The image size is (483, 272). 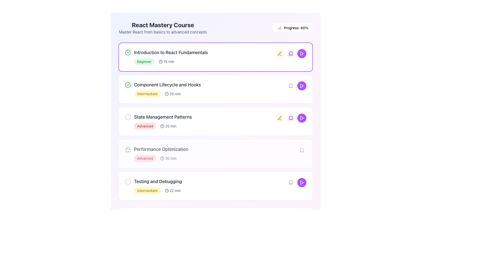 I want to click on the circular clock icon within the 'Introduction to React Fundamentals' section, which is next to the estimated completion time and above a green 'Beginner' tag, so click(x=162, y=126).